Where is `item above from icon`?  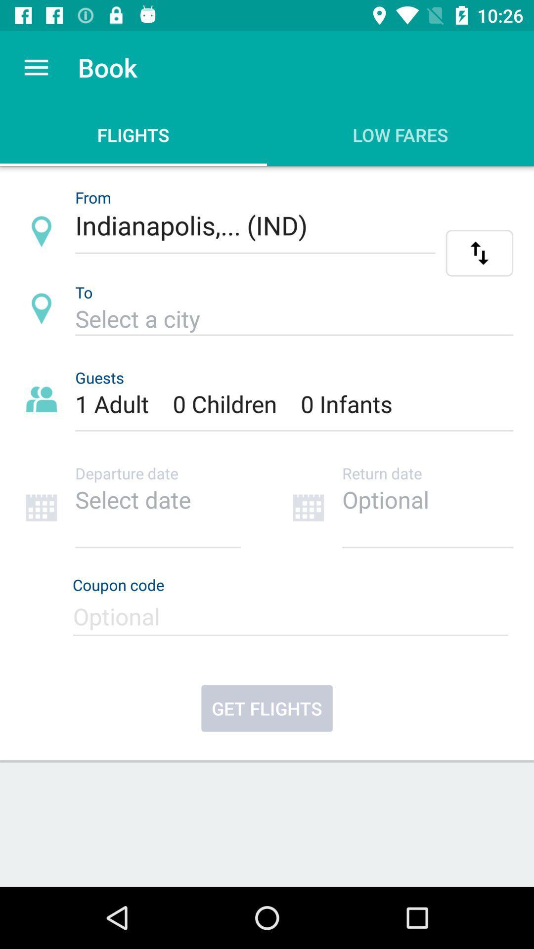
item above from icon is located at coordinates (36, 67).